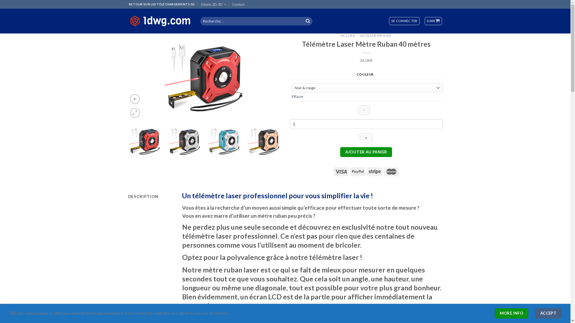 This screenshot has height=323, width=575. Describe the element at coordinates (134, 99) in the screenshot. I see `'Video'` at that location.